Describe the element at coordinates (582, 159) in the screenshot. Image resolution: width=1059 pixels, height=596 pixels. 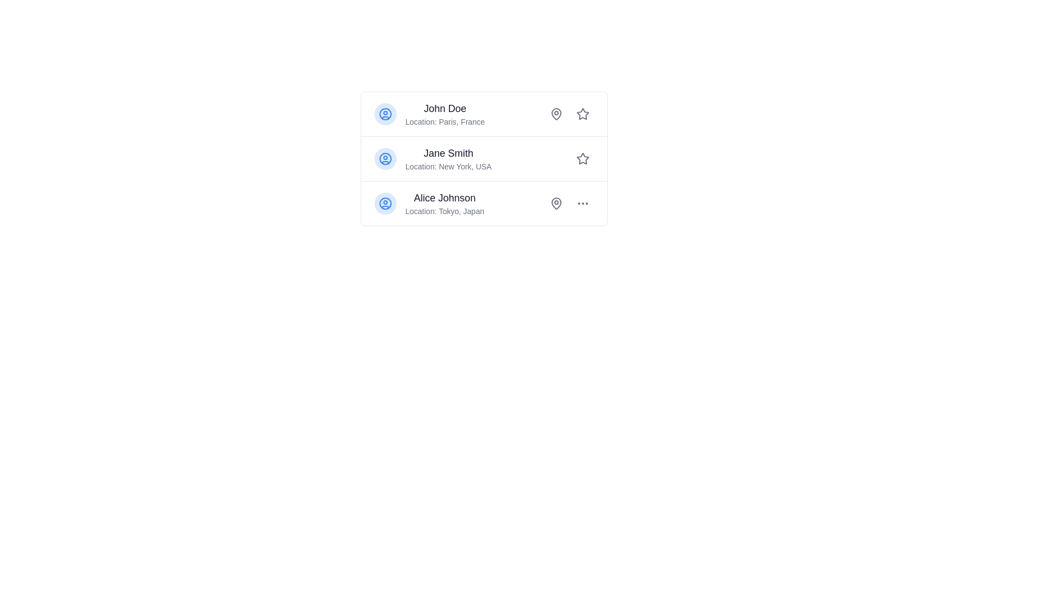
I see `the star icon in the rightmost column of the row for Jane Smith from New York, USA` at that location.